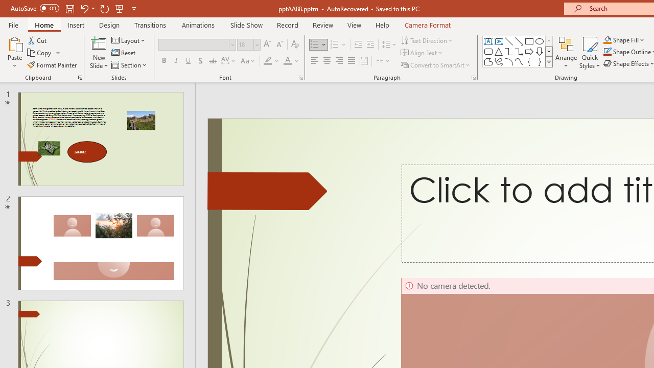 The image size is (654, 368). What do you see at coordinates (566, 53) in the screenshot?
I see `'Arrange'` at bounding box center [566, 53].